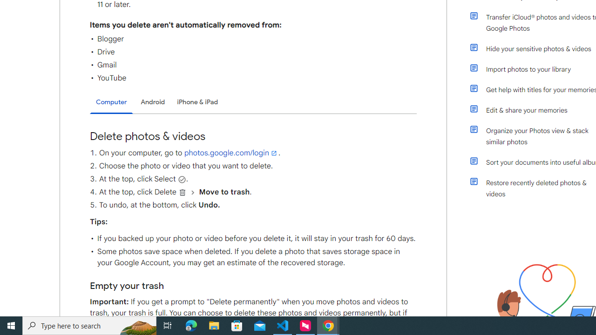 The image size is (596, 335). What do you see at coordinates (192, 192) in the screenshot?
I see `'and then'` at bounding box center [192, 192].